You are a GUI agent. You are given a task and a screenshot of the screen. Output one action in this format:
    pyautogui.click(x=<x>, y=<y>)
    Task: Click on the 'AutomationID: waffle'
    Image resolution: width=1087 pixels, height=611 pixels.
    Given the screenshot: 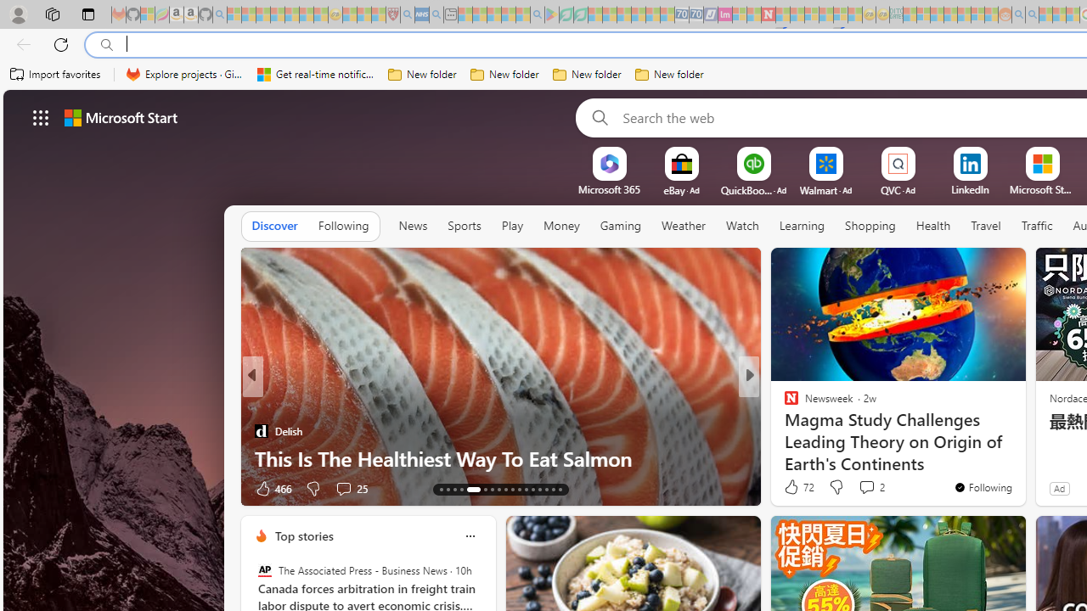 What is the action you would take?
    pyautogui.click(x=41, y=116)
    